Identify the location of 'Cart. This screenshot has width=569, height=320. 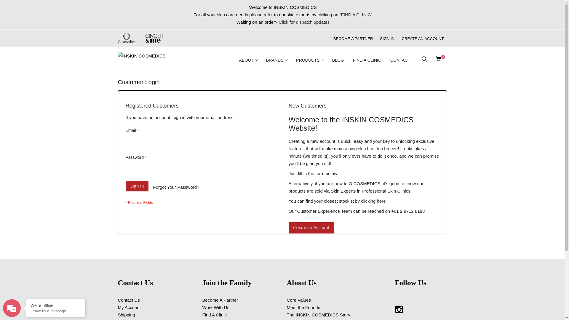
(434, 60).